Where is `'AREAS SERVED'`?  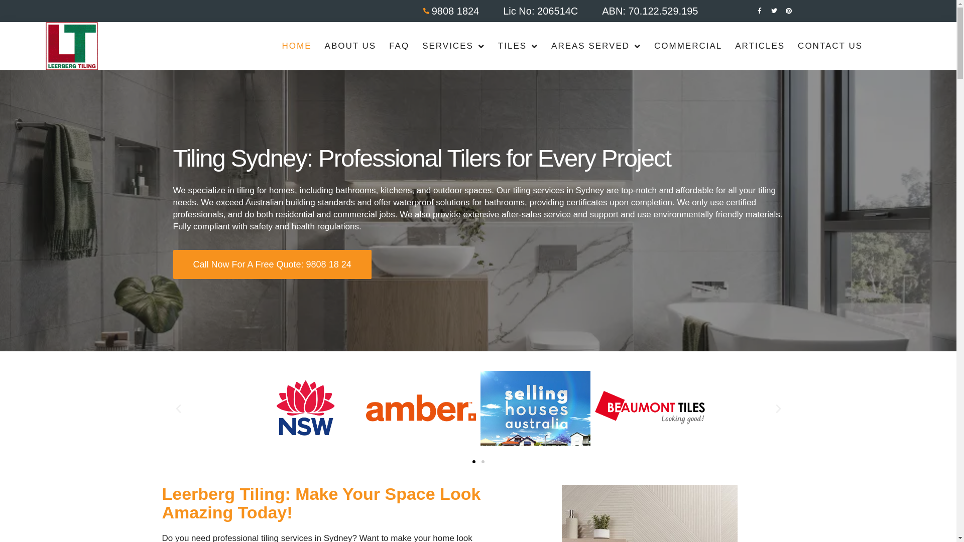
'AREAS SERVED' is located at coordinates (544, 46).